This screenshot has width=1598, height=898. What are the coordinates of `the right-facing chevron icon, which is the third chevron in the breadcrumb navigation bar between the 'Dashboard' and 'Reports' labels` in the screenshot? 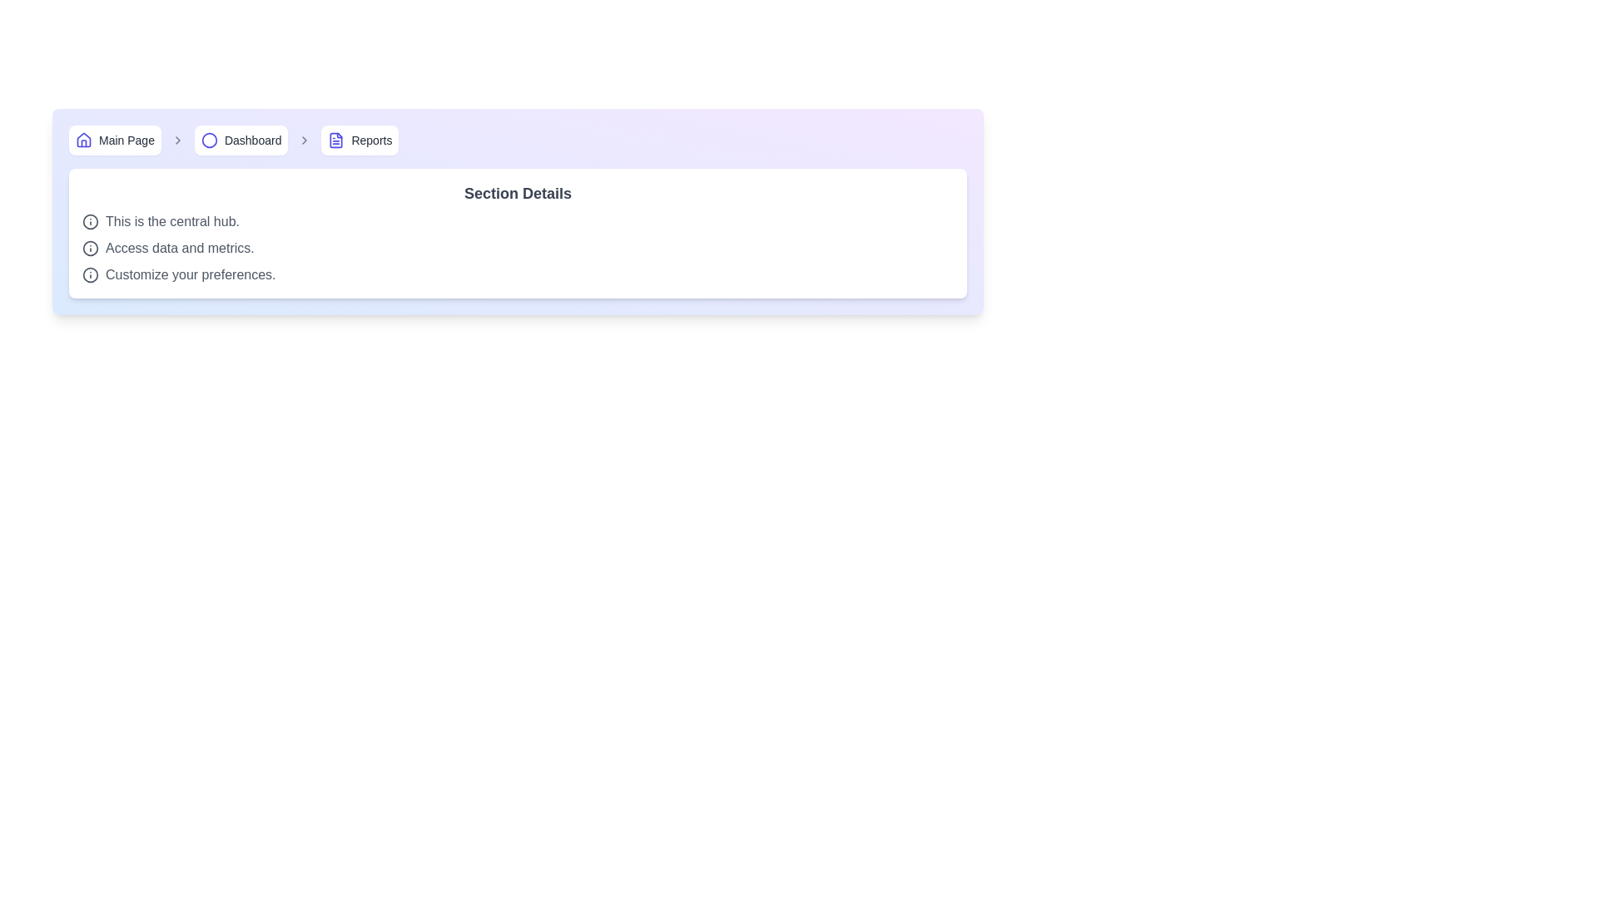 It's located at (305, 140).